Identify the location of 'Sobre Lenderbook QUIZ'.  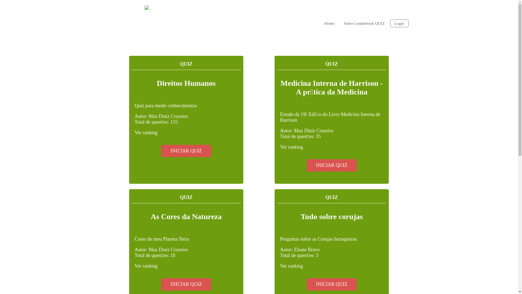
(339, 23).